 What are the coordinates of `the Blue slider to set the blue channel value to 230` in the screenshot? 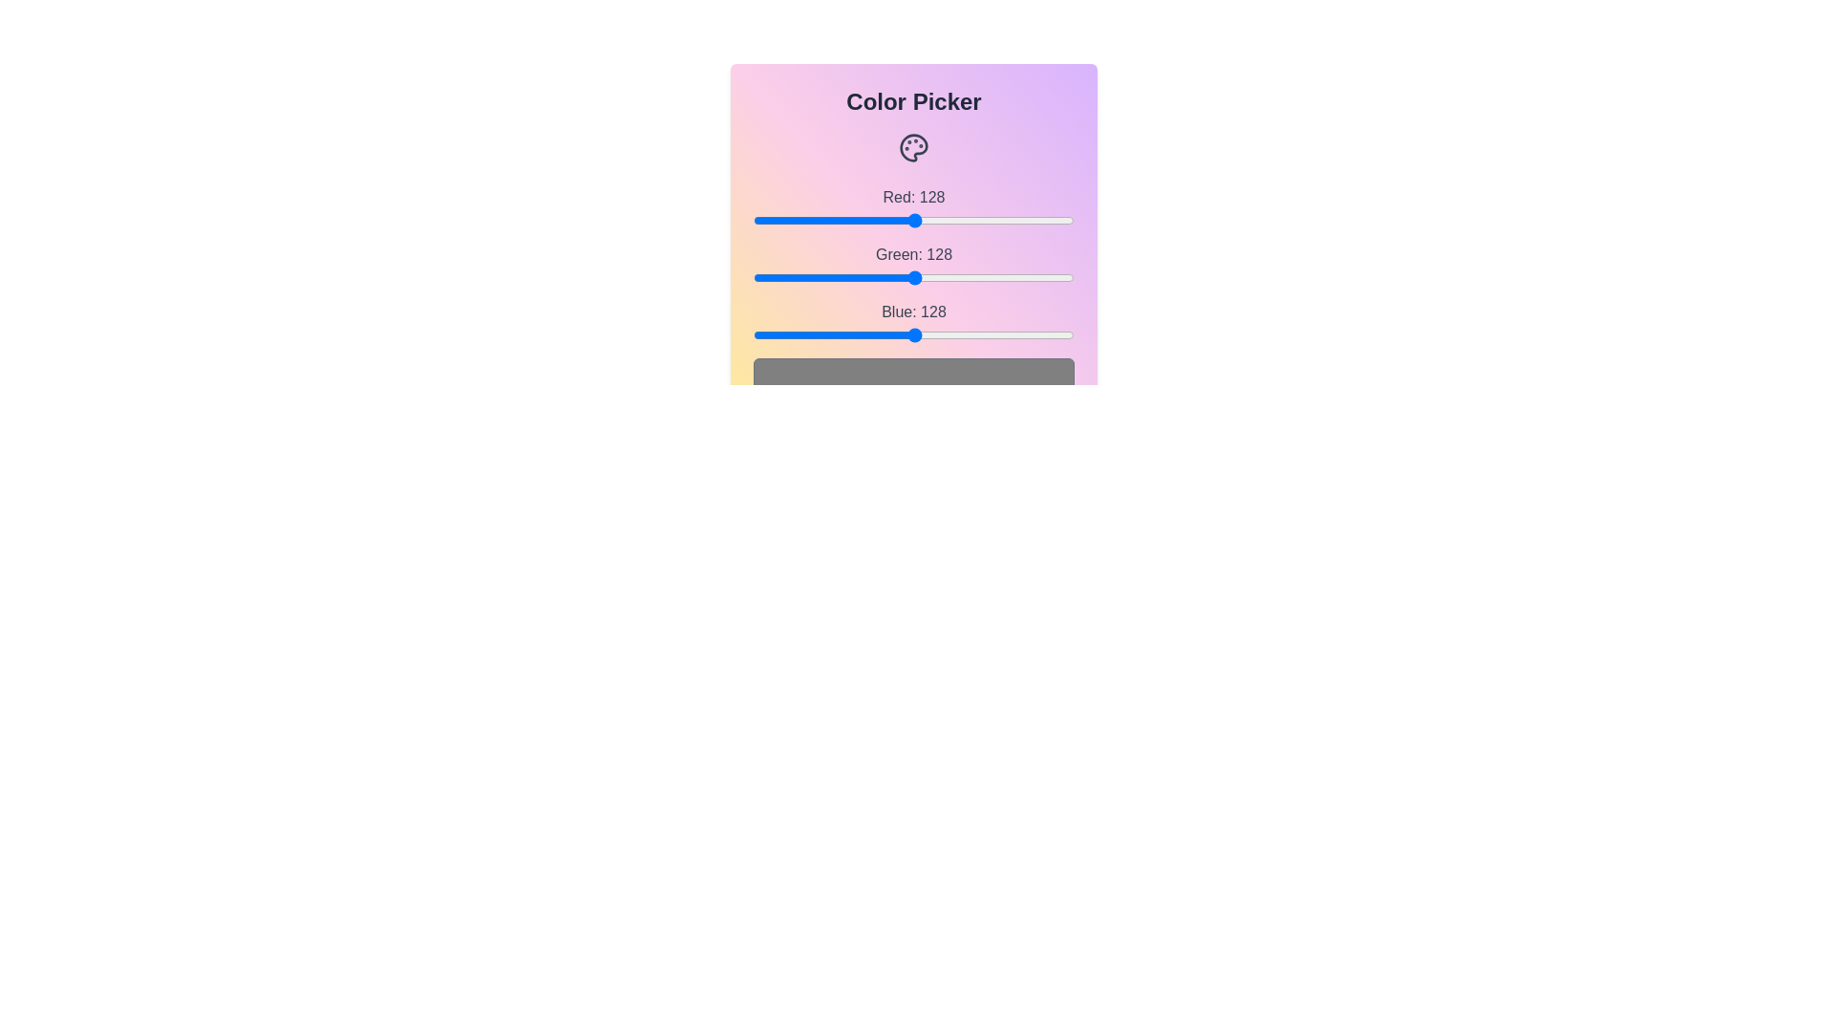 It's located at (1042, 334).